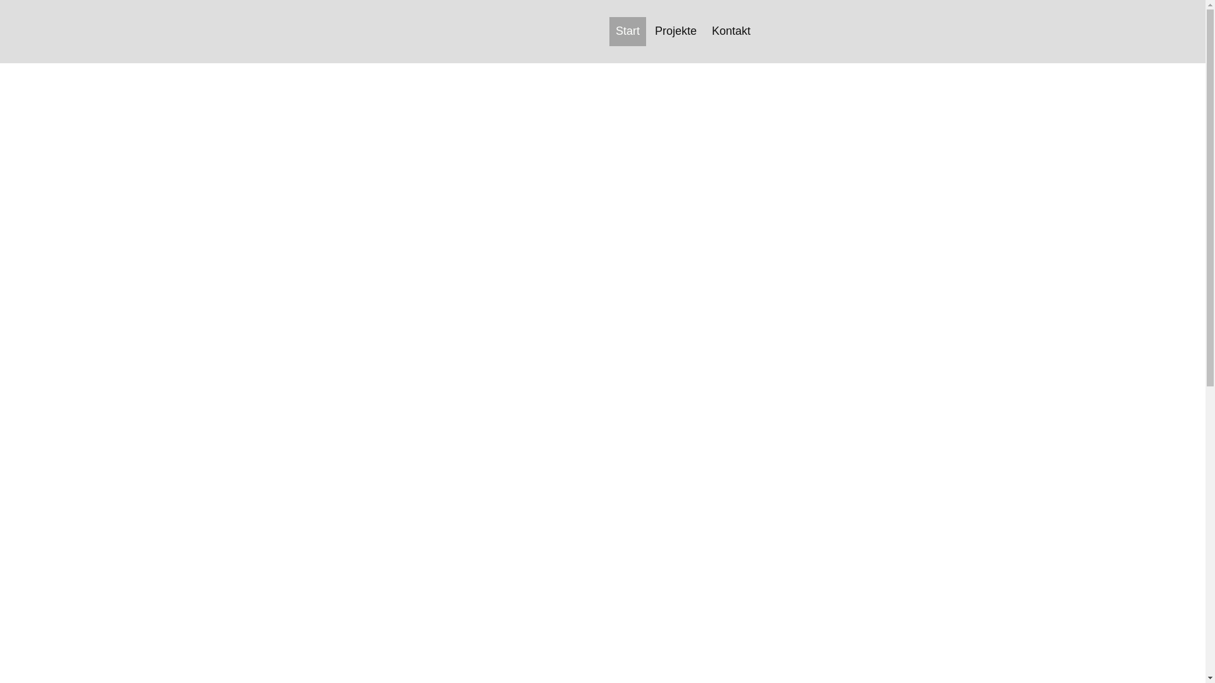  Describe the element at coordinates (731, 30) in the screenshot. I see `'Kontakt'` at that location.